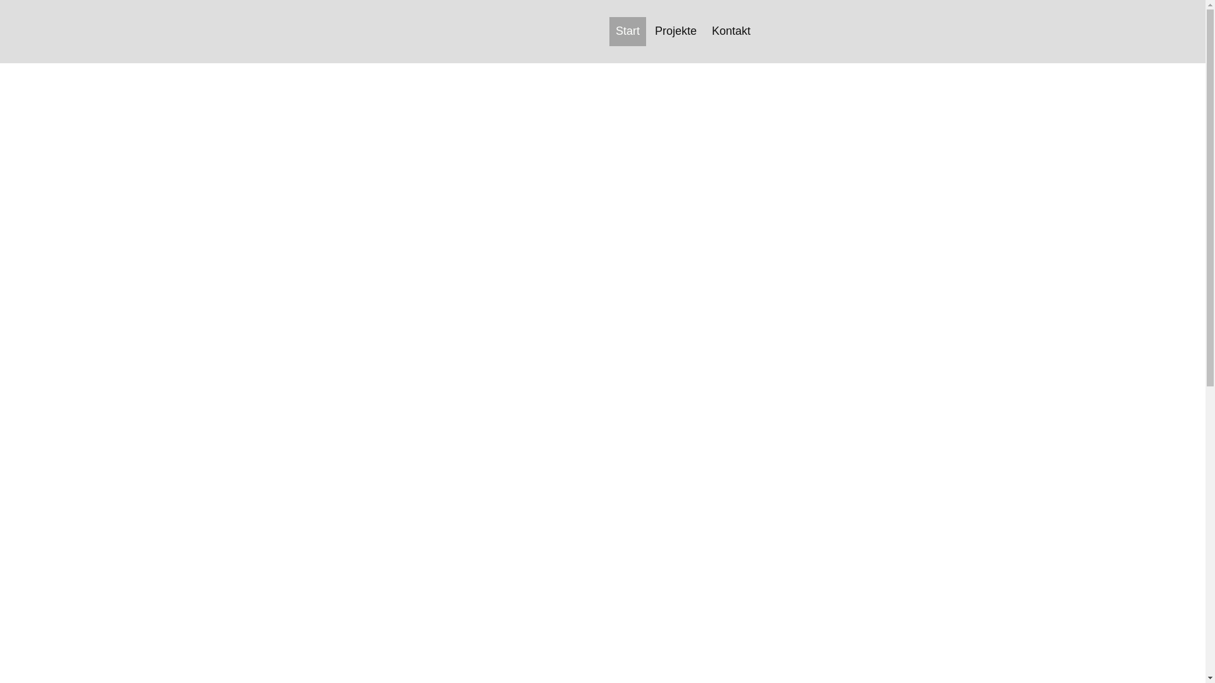  Describe the element at coordinates (731, 30) in the screenshot. I see `'Kontakt'` at that location.